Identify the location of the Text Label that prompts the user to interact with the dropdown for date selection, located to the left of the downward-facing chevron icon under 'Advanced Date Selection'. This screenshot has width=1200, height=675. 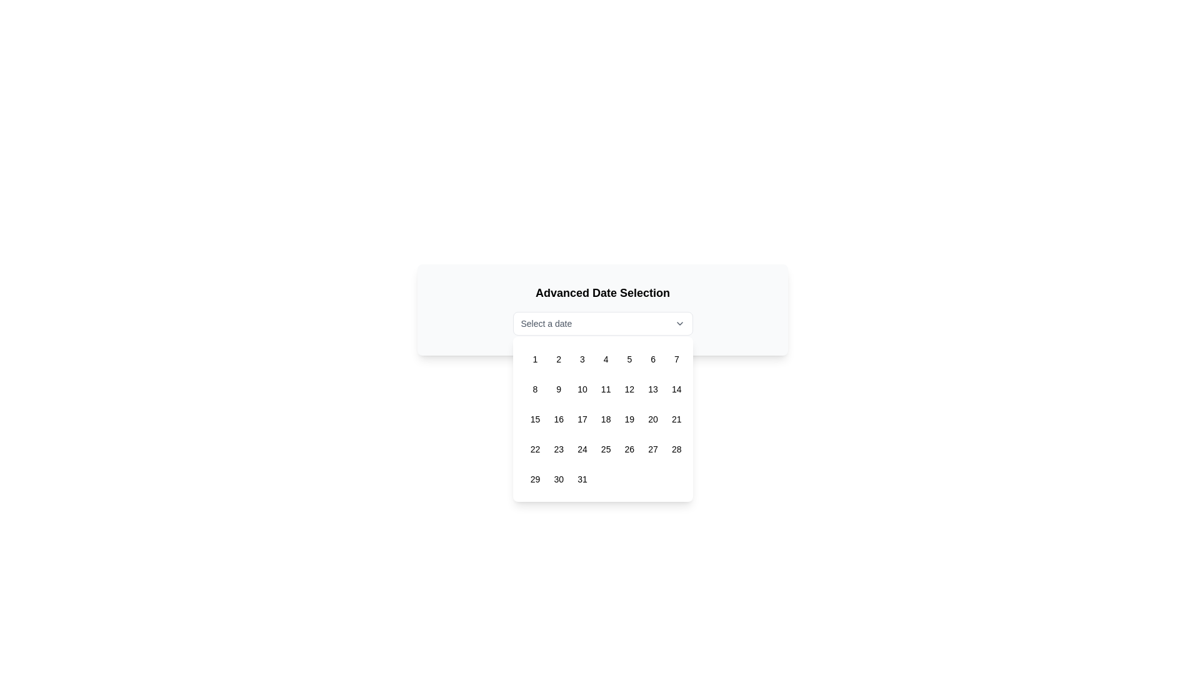
(546, 322).